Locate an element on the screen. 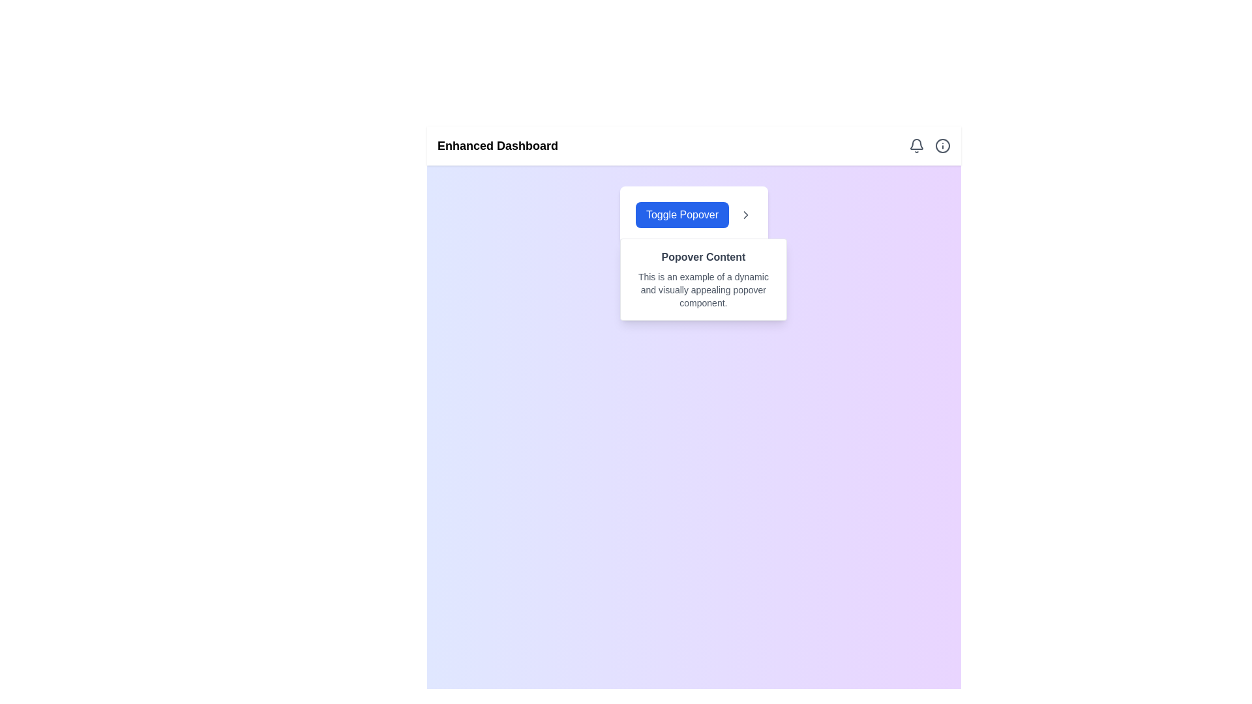 The height and width of the screenshot is (704, 1252). the notification bell icon located at the top-right corner of the interface to potentially display a tooltip is located at coordinates (916, 145).